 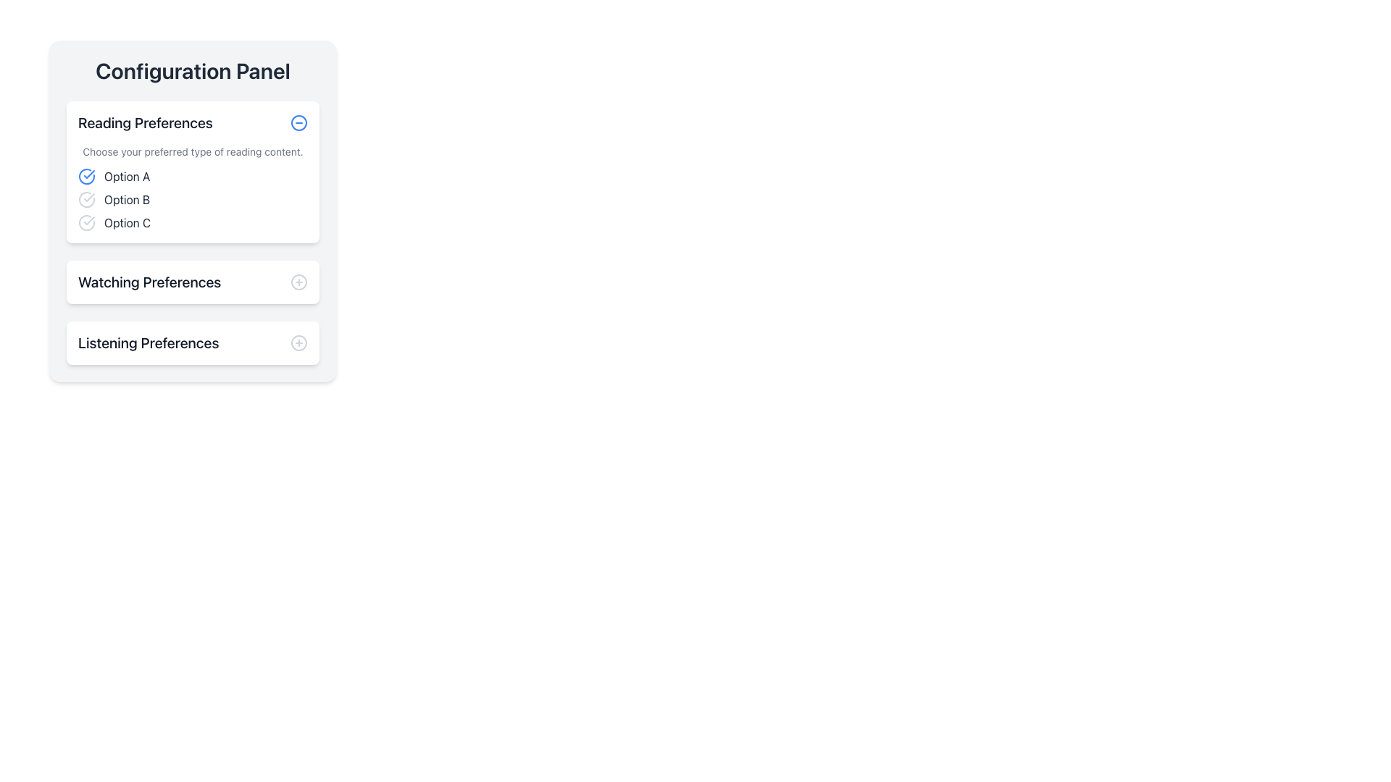 I want to click on the 'Option B' radio button located in the 'Reading Preferences' section, which is the second option in a vertical list of three options, so click(x=192, y=200).